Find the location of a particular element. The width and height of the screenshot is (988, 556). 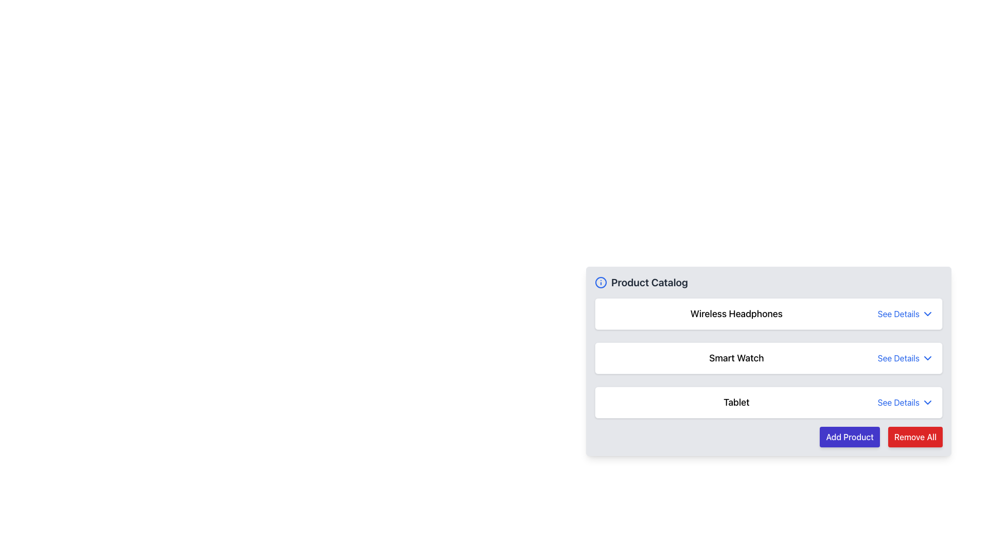

the blue circular information icon located above the 'Product Catalog' title is located at coordinates (601, 282).